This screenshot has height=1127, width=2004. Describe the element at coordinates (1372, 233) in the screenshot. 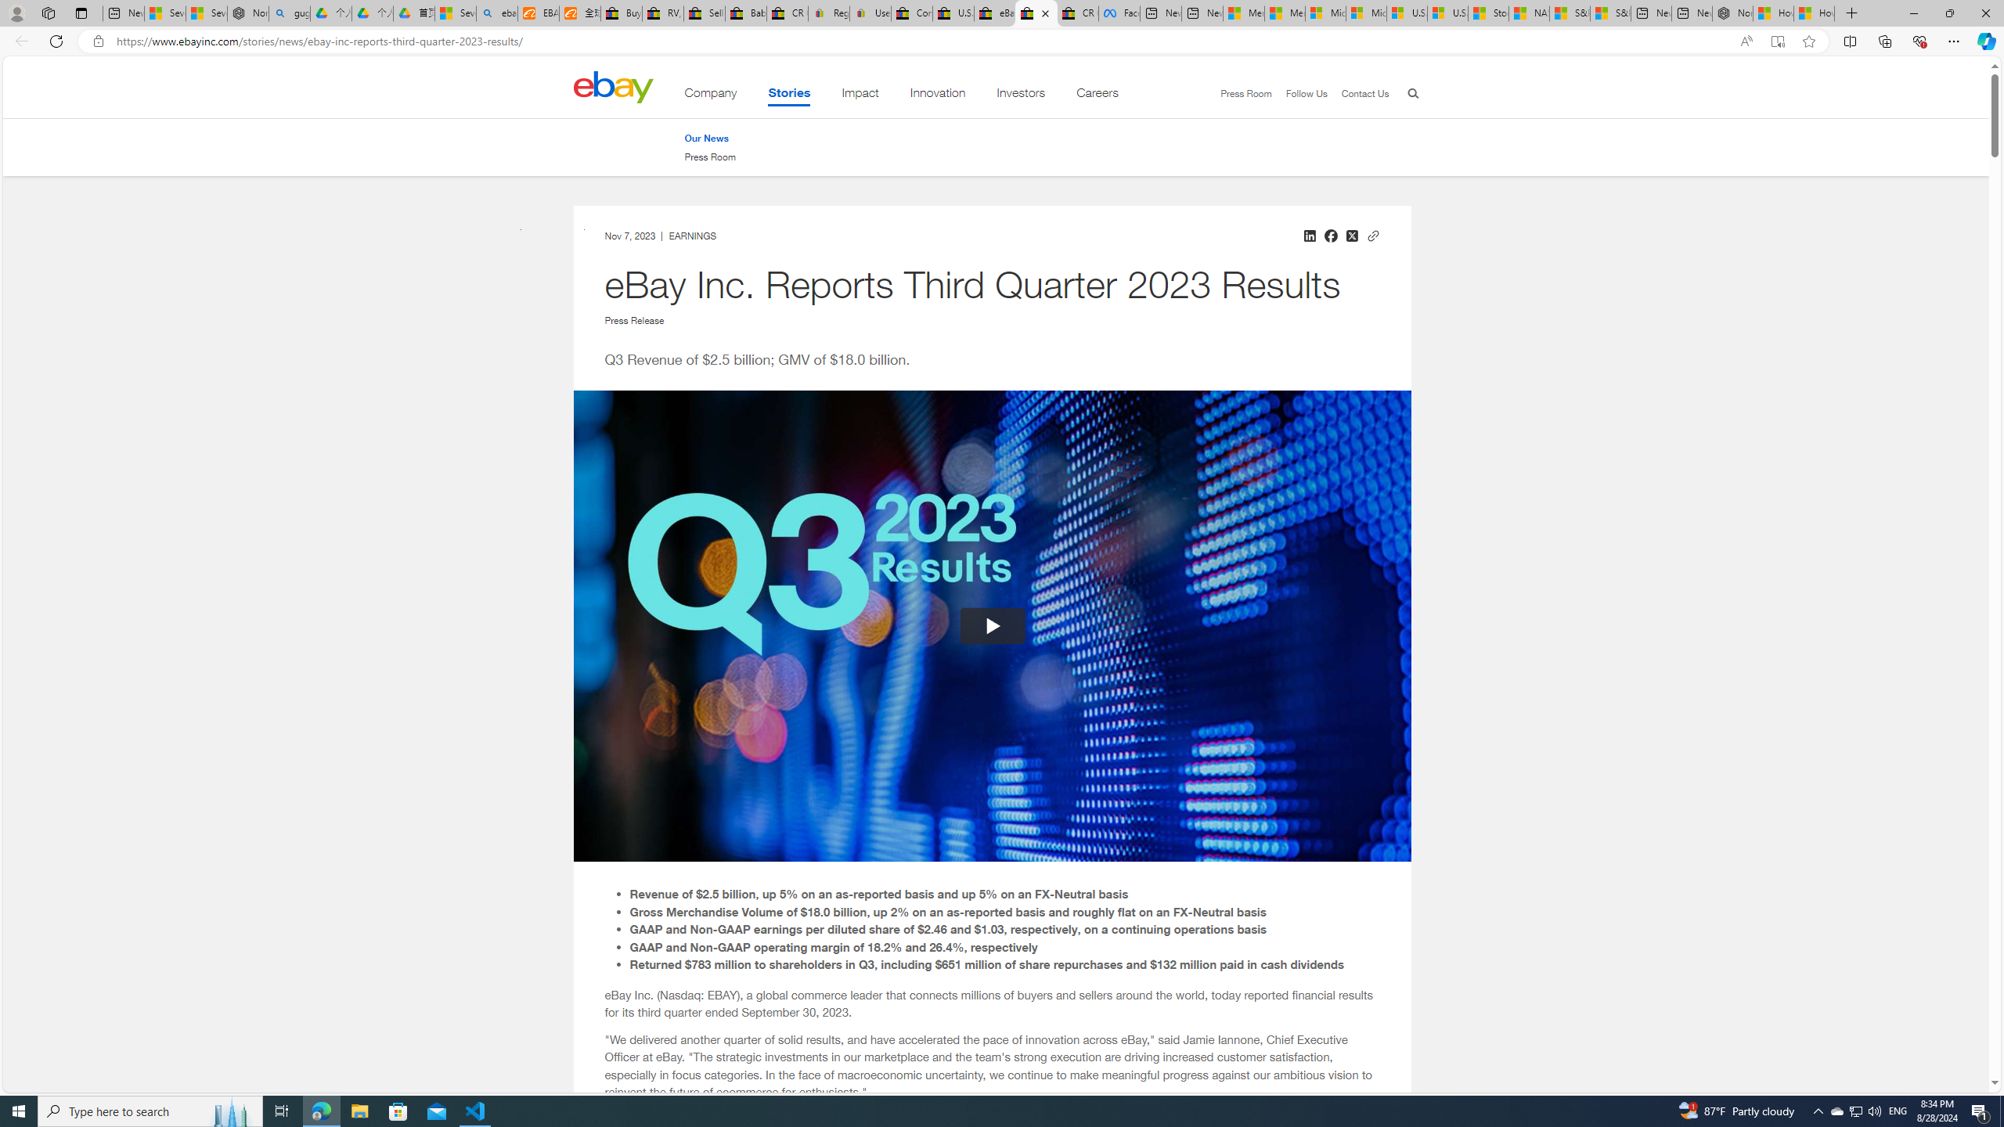

I see `'Copy link to clipboard'` at that location.